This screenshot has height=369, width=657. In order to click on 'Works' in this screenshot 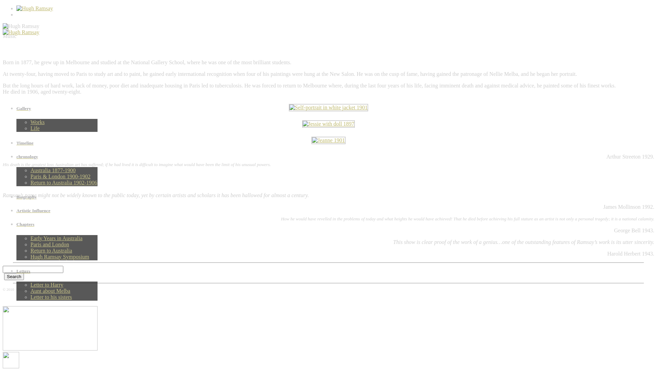, I will do `click(37, 122)`.